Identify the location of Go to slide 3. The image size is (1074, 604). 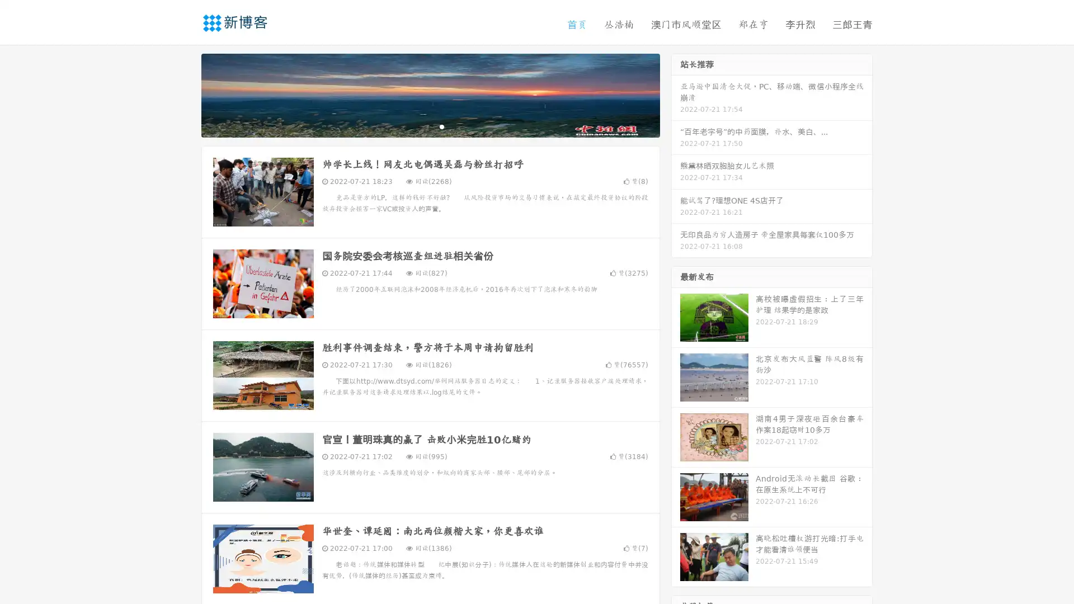
(441, 126).